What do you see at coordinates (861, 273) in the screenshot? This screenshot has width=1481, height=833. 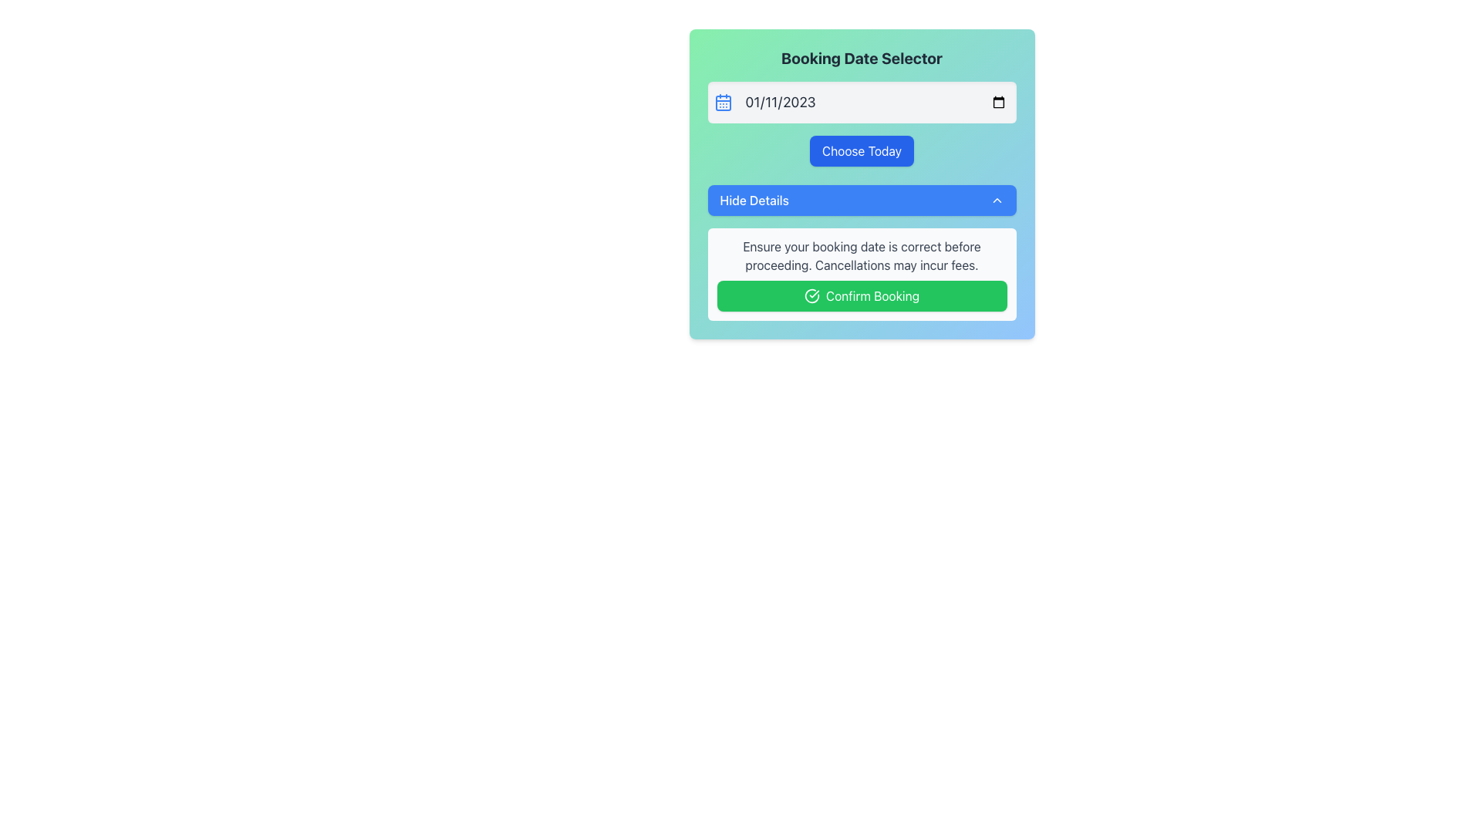 I see `text for booking information from the complex UI element containing a text paragraph and a confirmation button, located below the 'Hide Details' button` at bounding box center [861, 273].